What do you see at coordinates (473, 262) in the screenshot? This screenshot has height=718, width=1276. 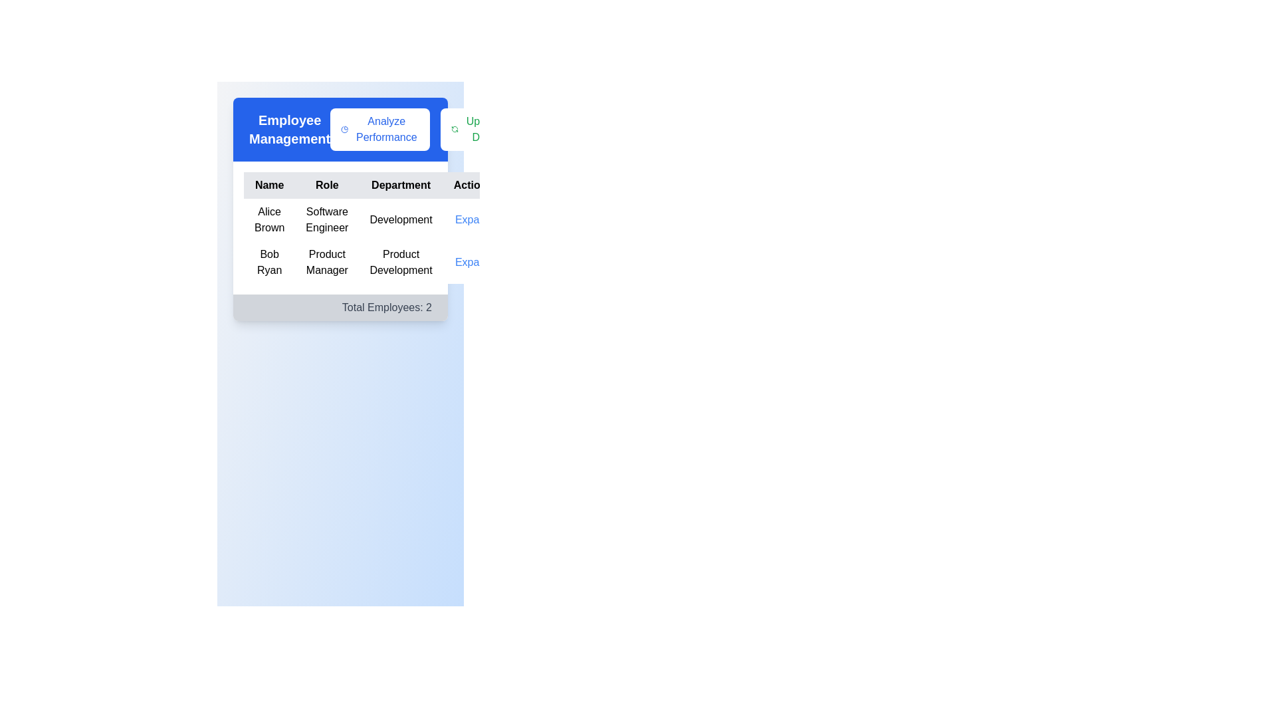 I see `the hyperlink styled text labeled 'Expand' in the 'Action' column associated with 'Bob Ryan'` at bounding box center [473, 262].